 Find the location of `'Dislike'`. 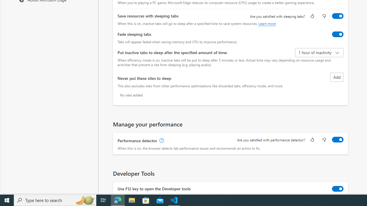

'Dislike' is located at coordinates (324, 140).